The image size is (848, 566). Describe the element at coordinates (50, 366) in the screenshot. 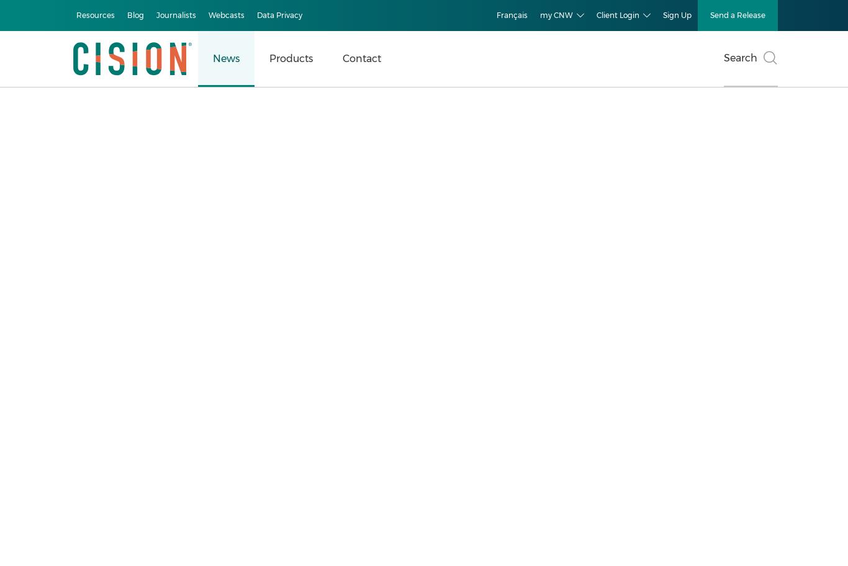

I see `'Energy & Natural Resources'` at that location.